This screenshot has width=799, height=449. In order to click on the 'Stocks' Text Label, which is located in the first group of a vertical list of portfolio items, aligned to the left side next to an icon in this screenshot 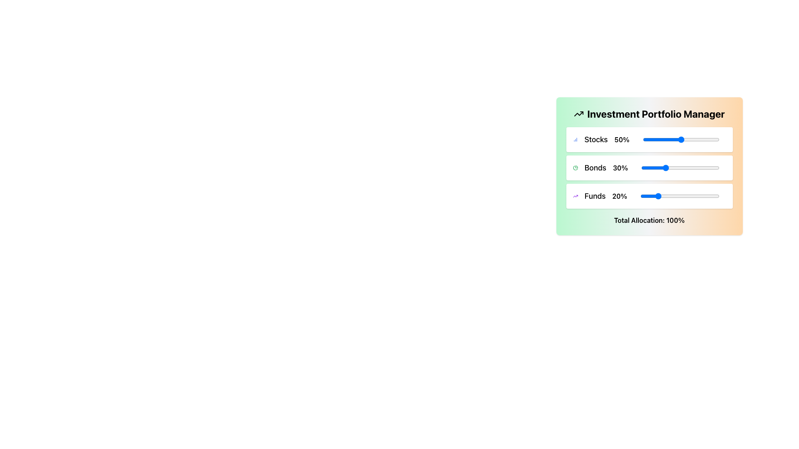, I will do `click(596, 139)`.